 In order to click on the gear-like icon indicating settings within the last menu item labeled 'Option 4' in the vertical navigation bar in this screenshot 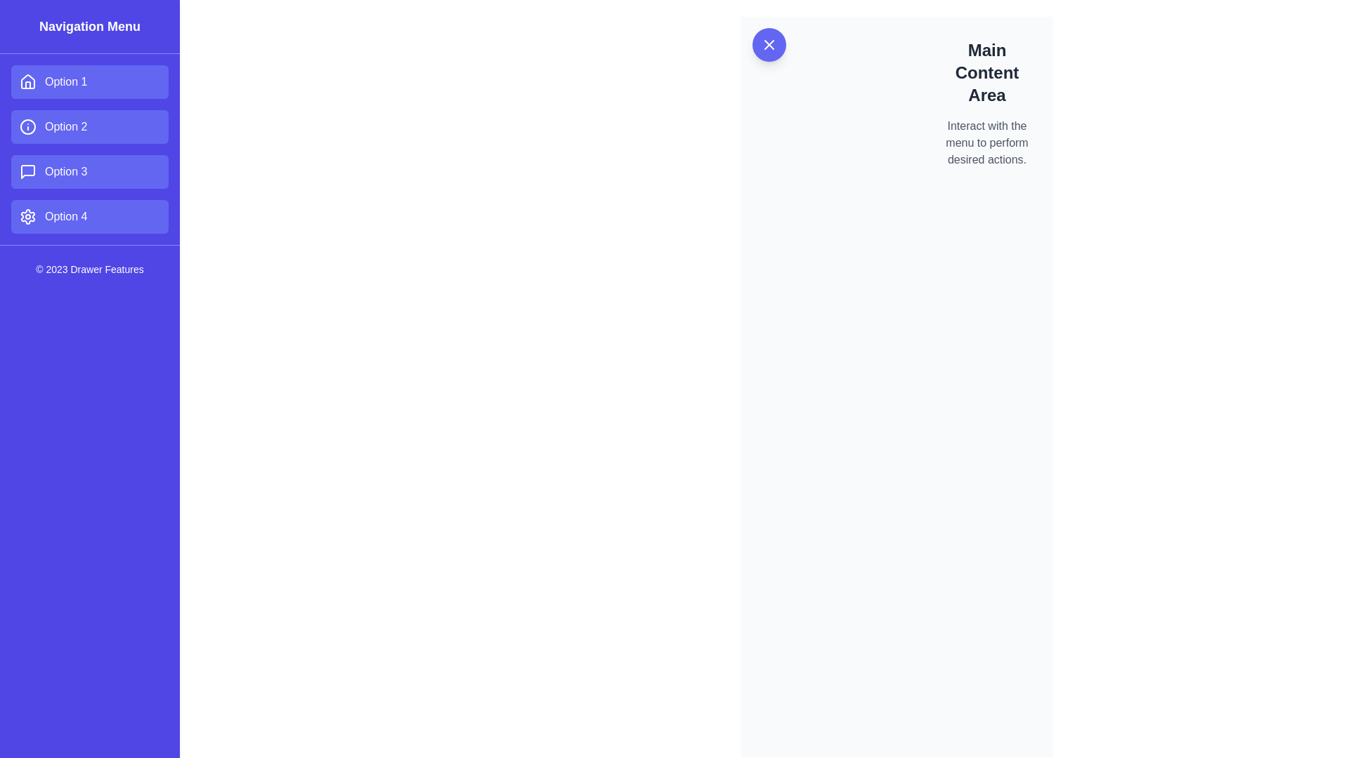, I will do `click(27, 216)`.